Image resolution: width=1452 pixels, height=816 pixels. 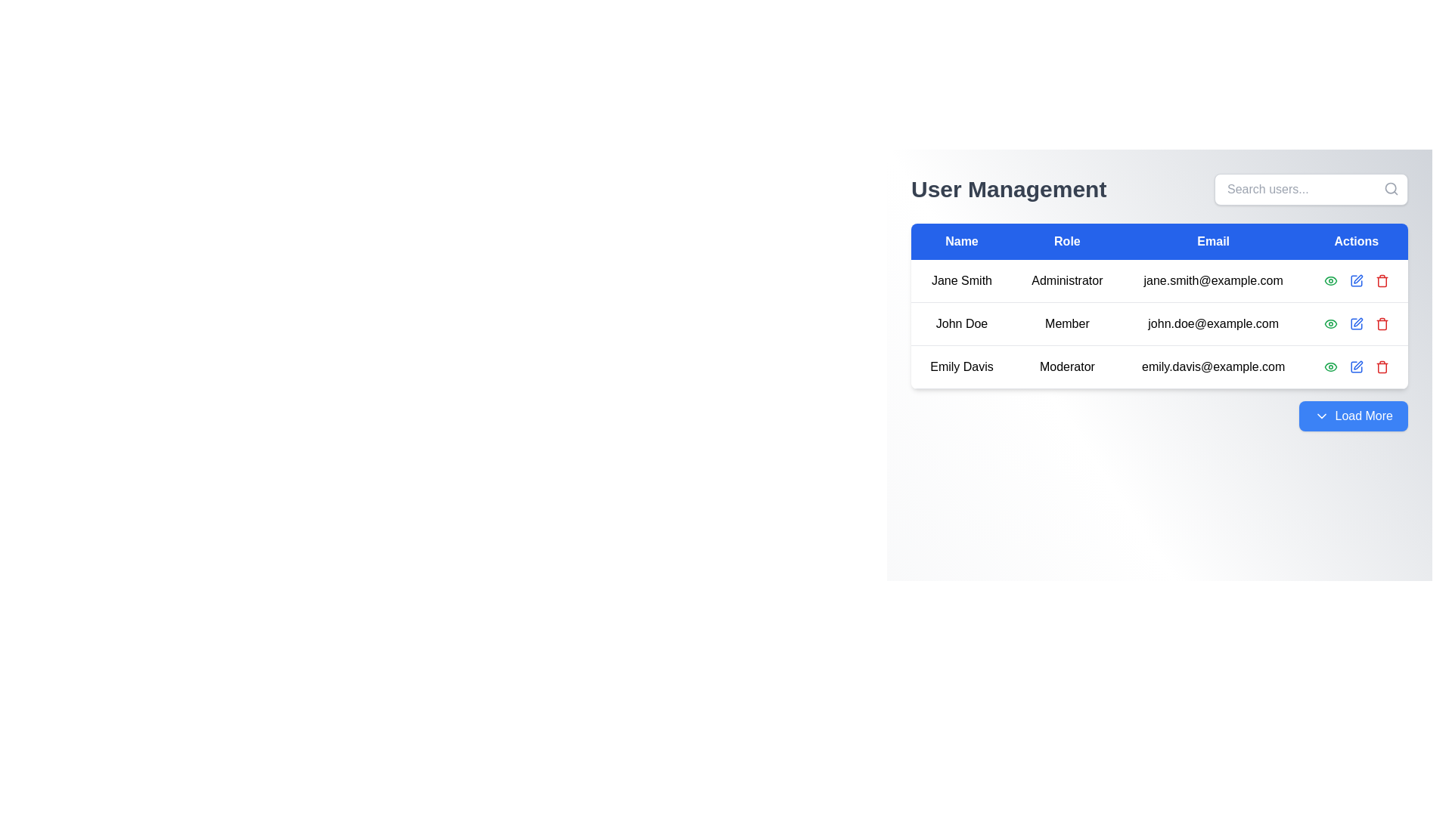 What do you see at coordinates (1066, 241) in the screenshot?
I see `the Table Header Cell displaying 'Role'` at bounding box center [1066, 241].